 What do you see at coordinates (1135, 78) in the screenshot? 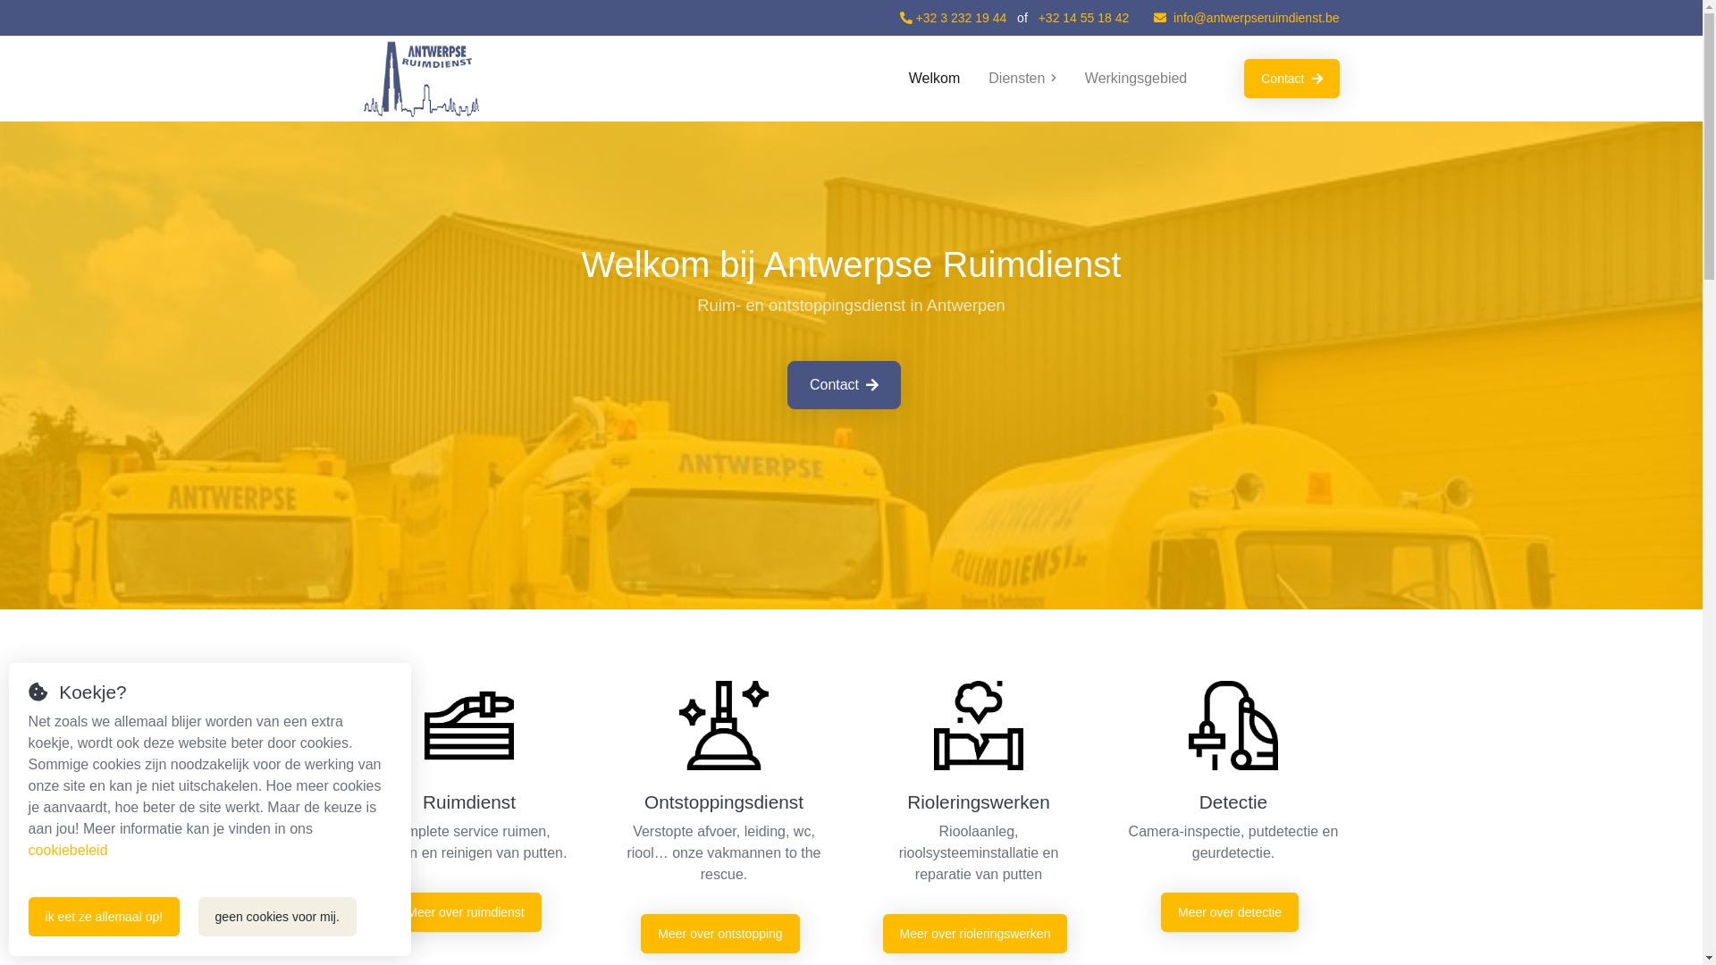
I see `'Werkingsgebied'` at bounding box center [1135, 78].